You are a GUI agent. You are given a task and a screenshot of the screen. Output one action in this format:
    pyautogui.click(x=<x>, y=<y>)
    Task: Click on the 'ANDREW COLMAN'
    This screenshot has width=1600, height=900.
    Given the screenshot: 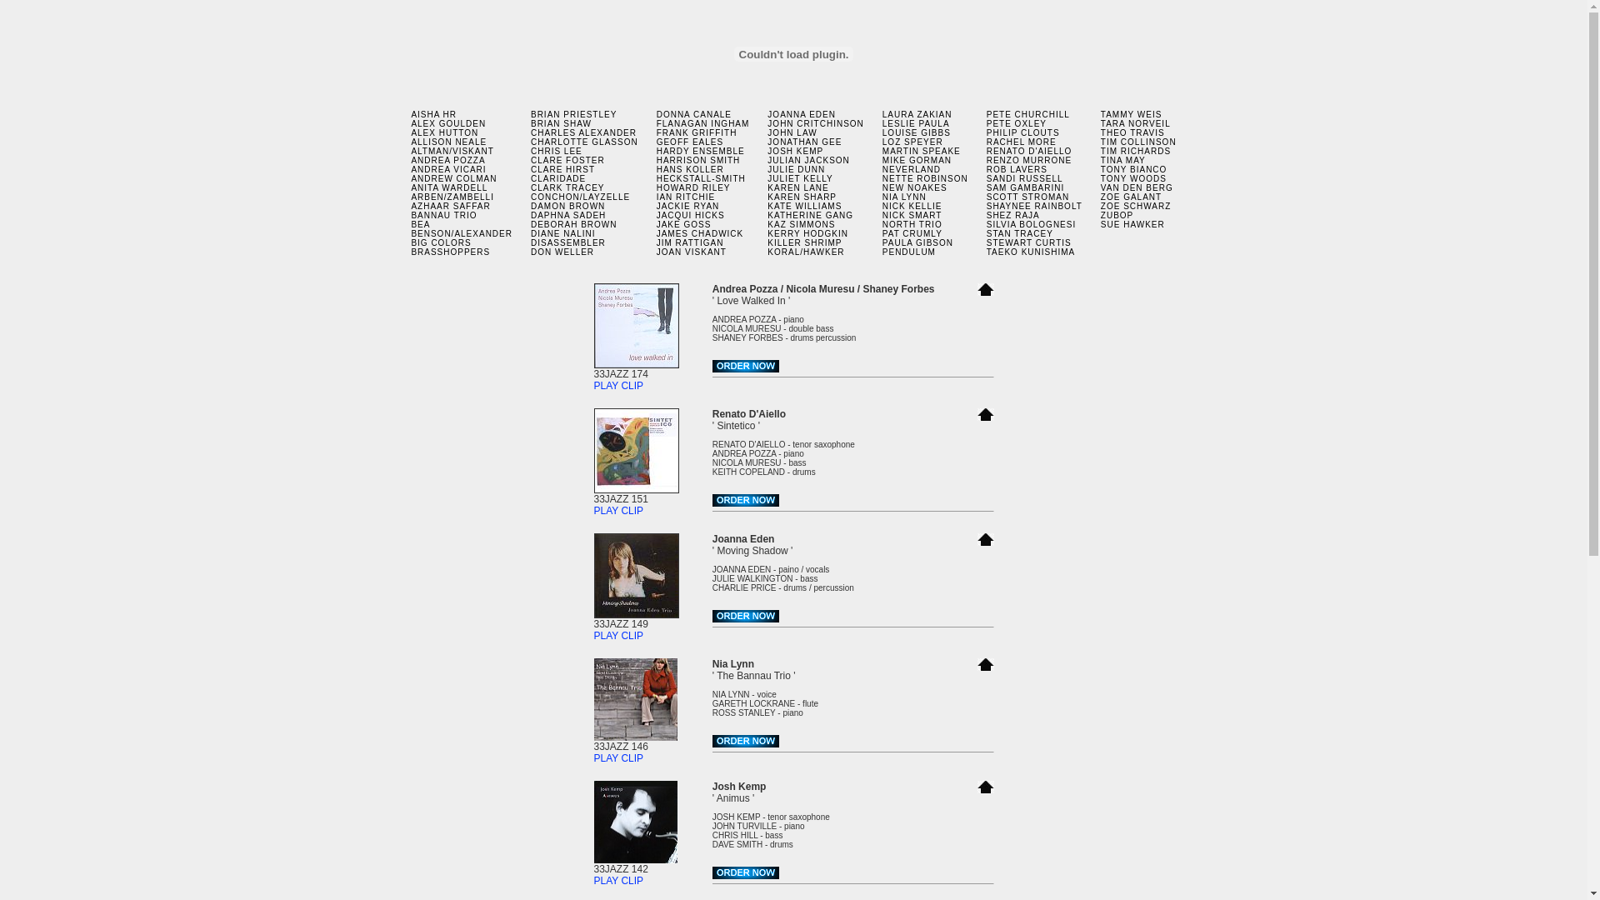 What is the action you would take?
    pyautogui.click(x=453, y=178)
    